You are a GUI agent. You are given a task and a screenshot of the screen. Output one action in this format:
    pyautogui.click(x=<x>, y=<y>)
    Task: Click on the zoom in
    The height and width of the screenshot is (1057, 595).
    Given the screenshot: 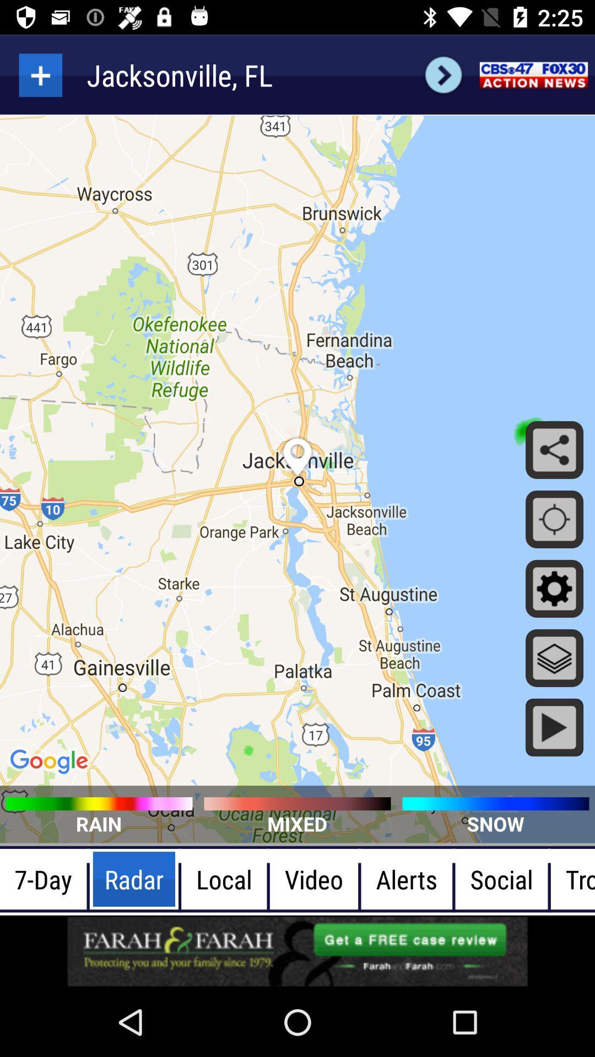 What is the action you would take?
    pyautogui.click(x=40, y=74)
    